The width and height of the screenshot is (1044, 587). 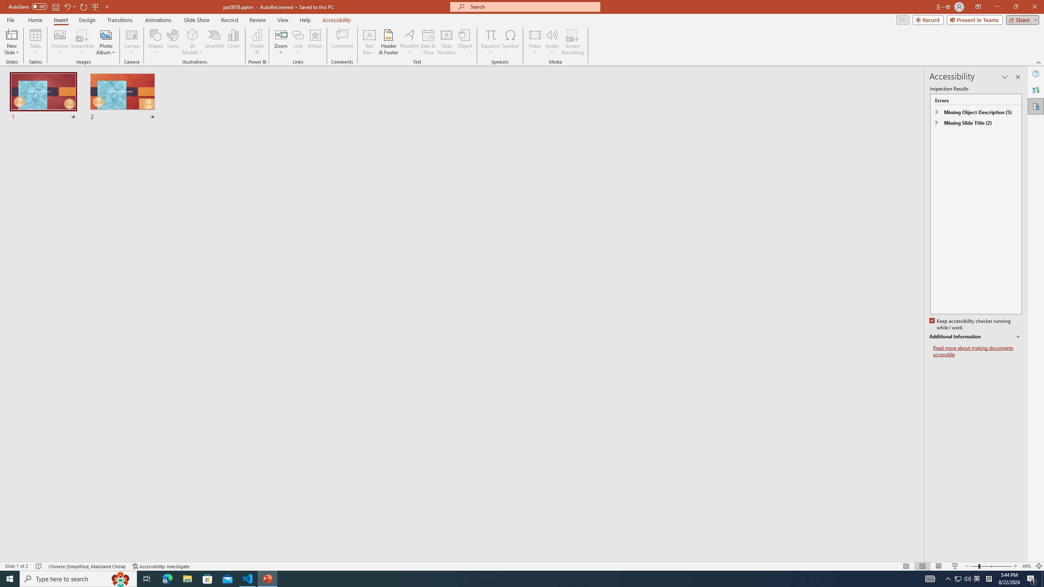 I want to click on 'Object...', so click(x=465, y=42).